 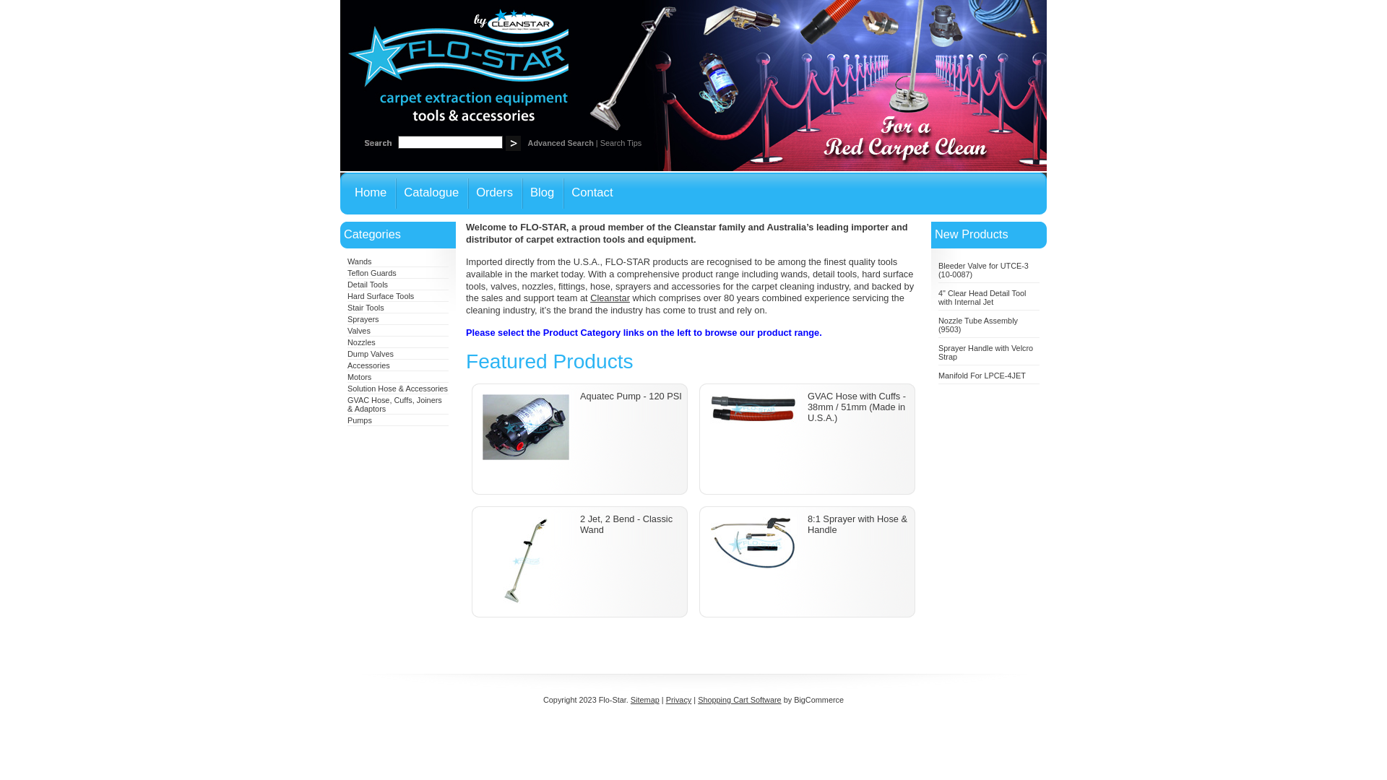 What do you see at coordinates (361, 342) in the screenshot?
I see `'Nozzles'` at bounding box center [361, 342].